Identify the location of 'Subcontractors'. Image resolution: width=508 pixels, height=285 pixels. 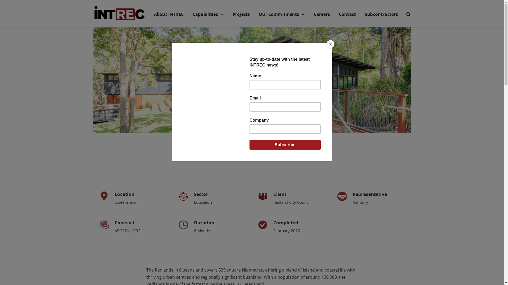
(381, 13).